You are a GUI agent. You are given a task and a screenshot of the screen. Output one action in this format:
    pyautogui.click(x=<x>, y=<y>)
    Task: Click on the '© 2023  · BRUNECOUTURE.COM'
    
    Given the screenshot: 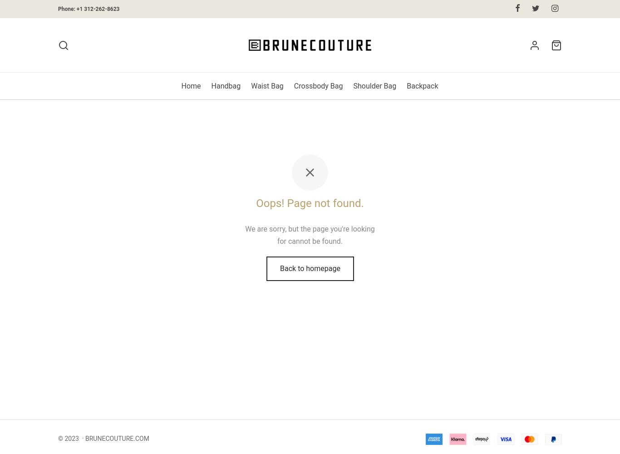 What is the action you would take?
    pyautogui.click(x=103, y=438)
    